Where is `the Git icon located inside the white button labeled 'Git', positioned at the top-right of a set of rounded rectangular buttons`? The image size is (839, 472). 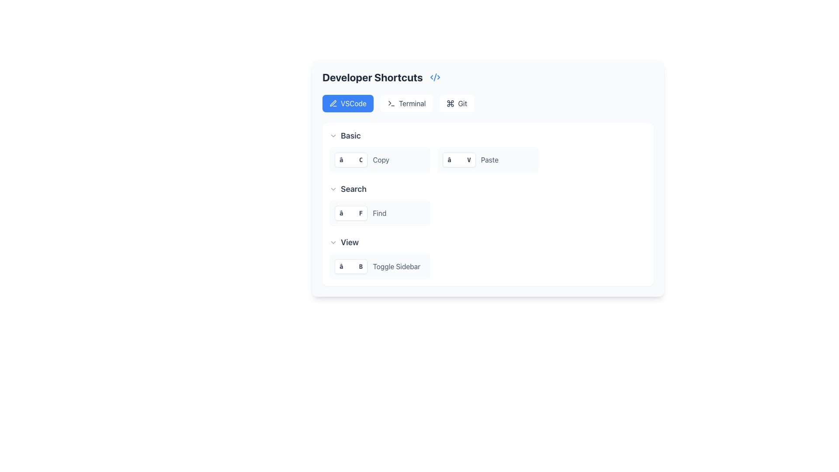
the Git icon located inside the white button labeled 'Git', positioned at the top-right of a set of rounded rectangular buttons is located at coordinates (451, 103).